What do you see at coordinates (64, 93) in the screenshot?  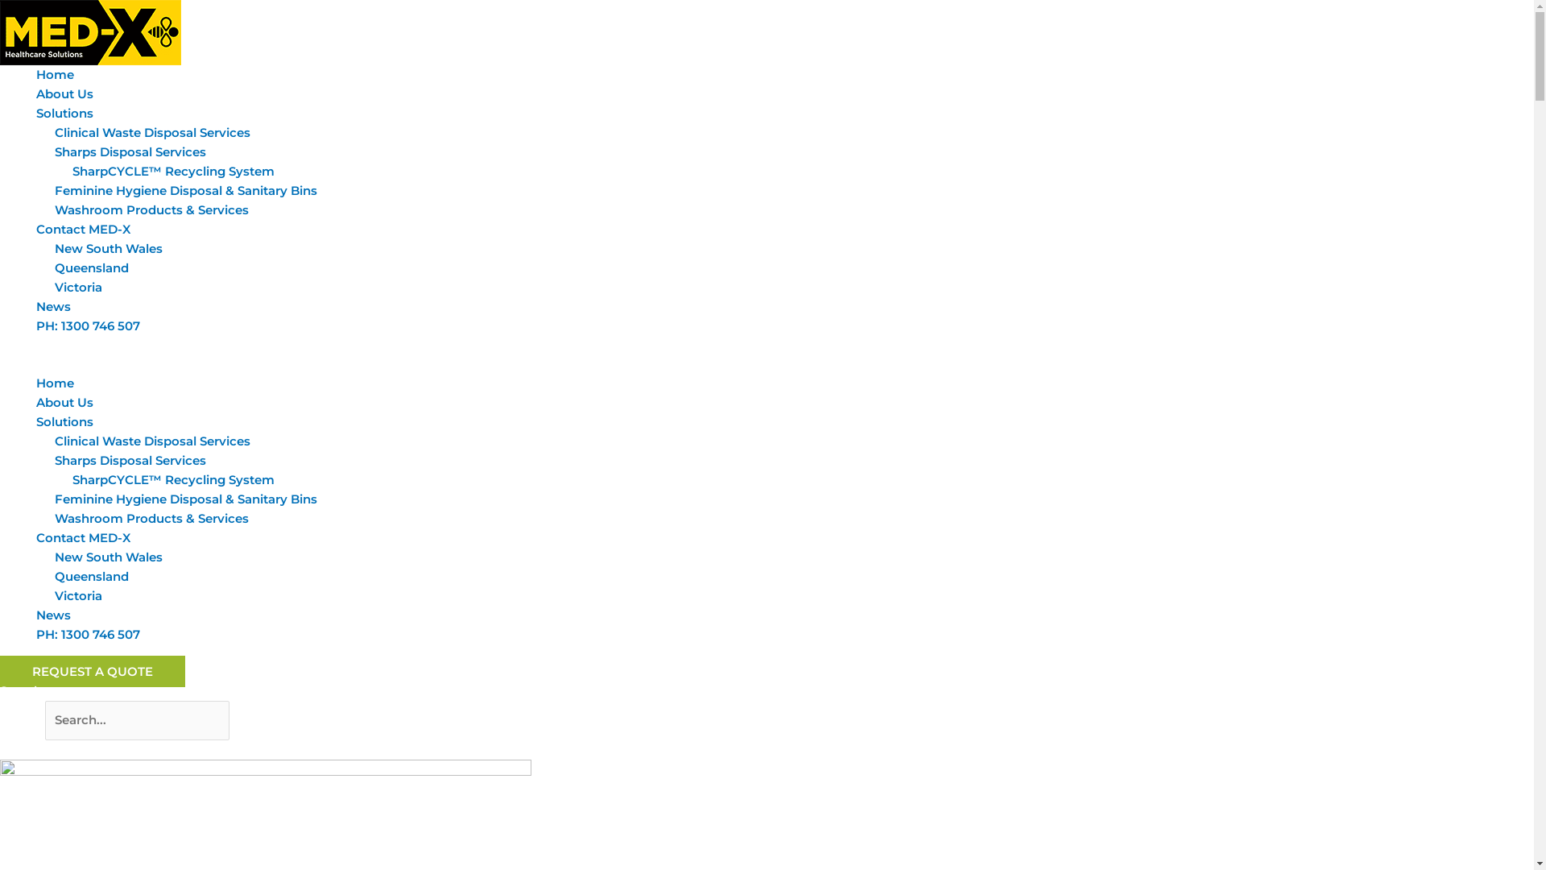 I see `'About Us'` at bounding box center [64, 93].